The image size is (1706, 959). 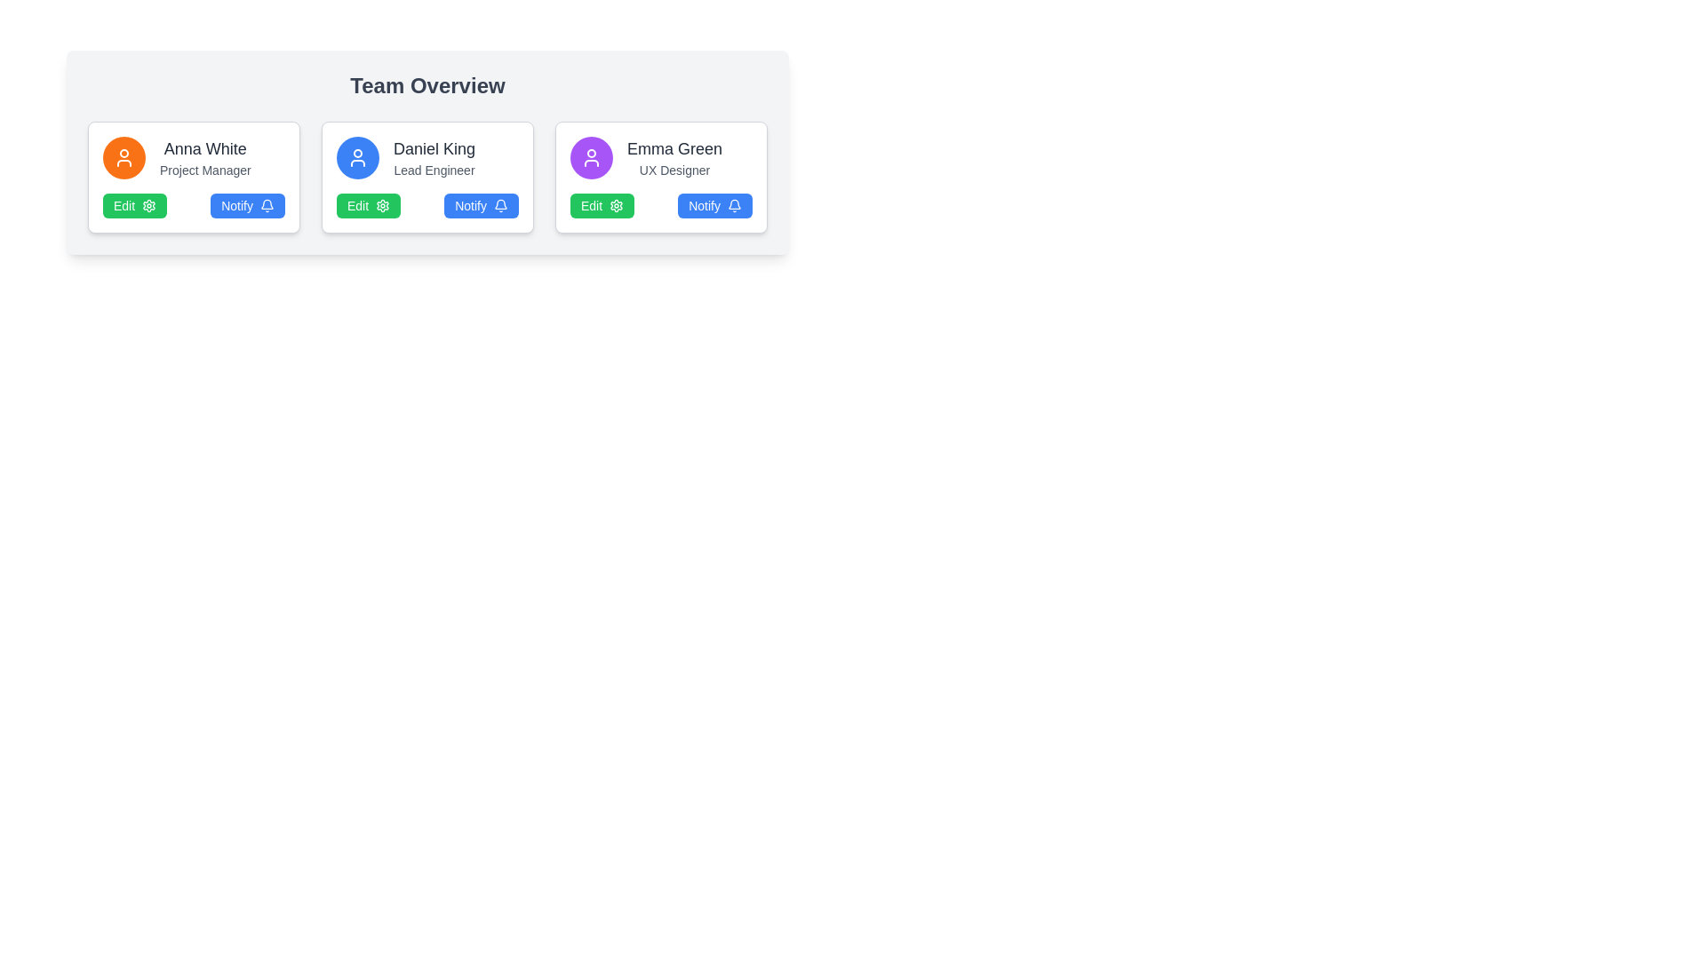 What do you see at coordinates (592, 156) in the screenshot?
I see `the SVG user icon representing Emma Green, which is depicted as a rounded profile head and shoulders in white, set against a circular purple background` at bounding box center [592, 156].